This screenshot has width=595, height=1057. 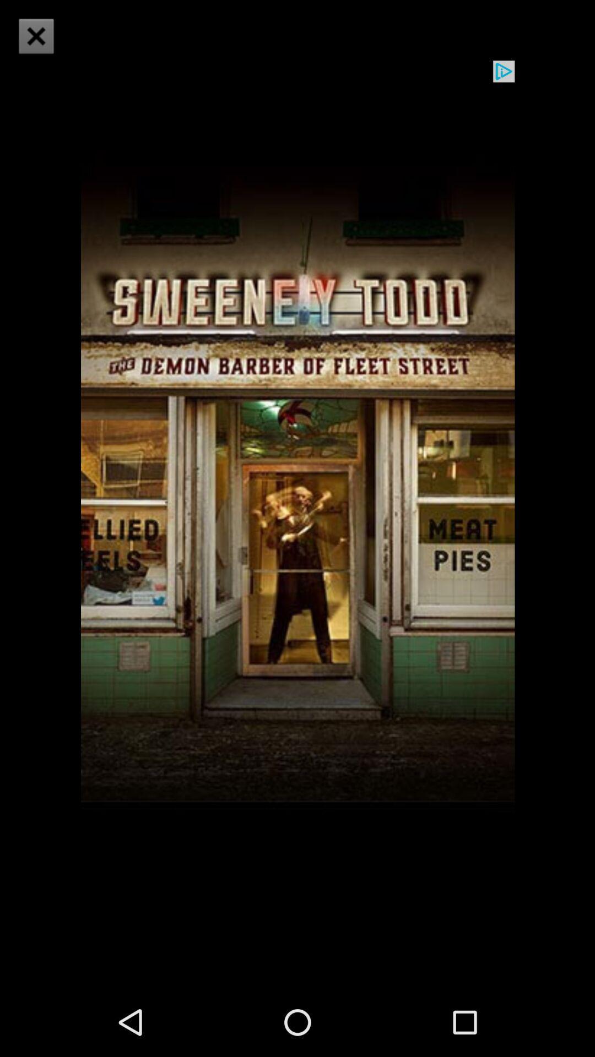 What do you see at coordinates (35, 39) in the screenshot?
I see `the close icon` at bounding box center [35, 39].